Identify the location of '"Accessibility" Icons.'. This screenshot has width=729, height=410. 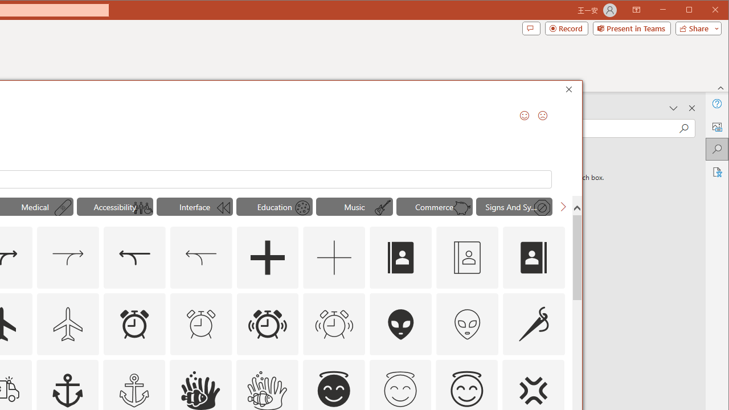
(114, 206).